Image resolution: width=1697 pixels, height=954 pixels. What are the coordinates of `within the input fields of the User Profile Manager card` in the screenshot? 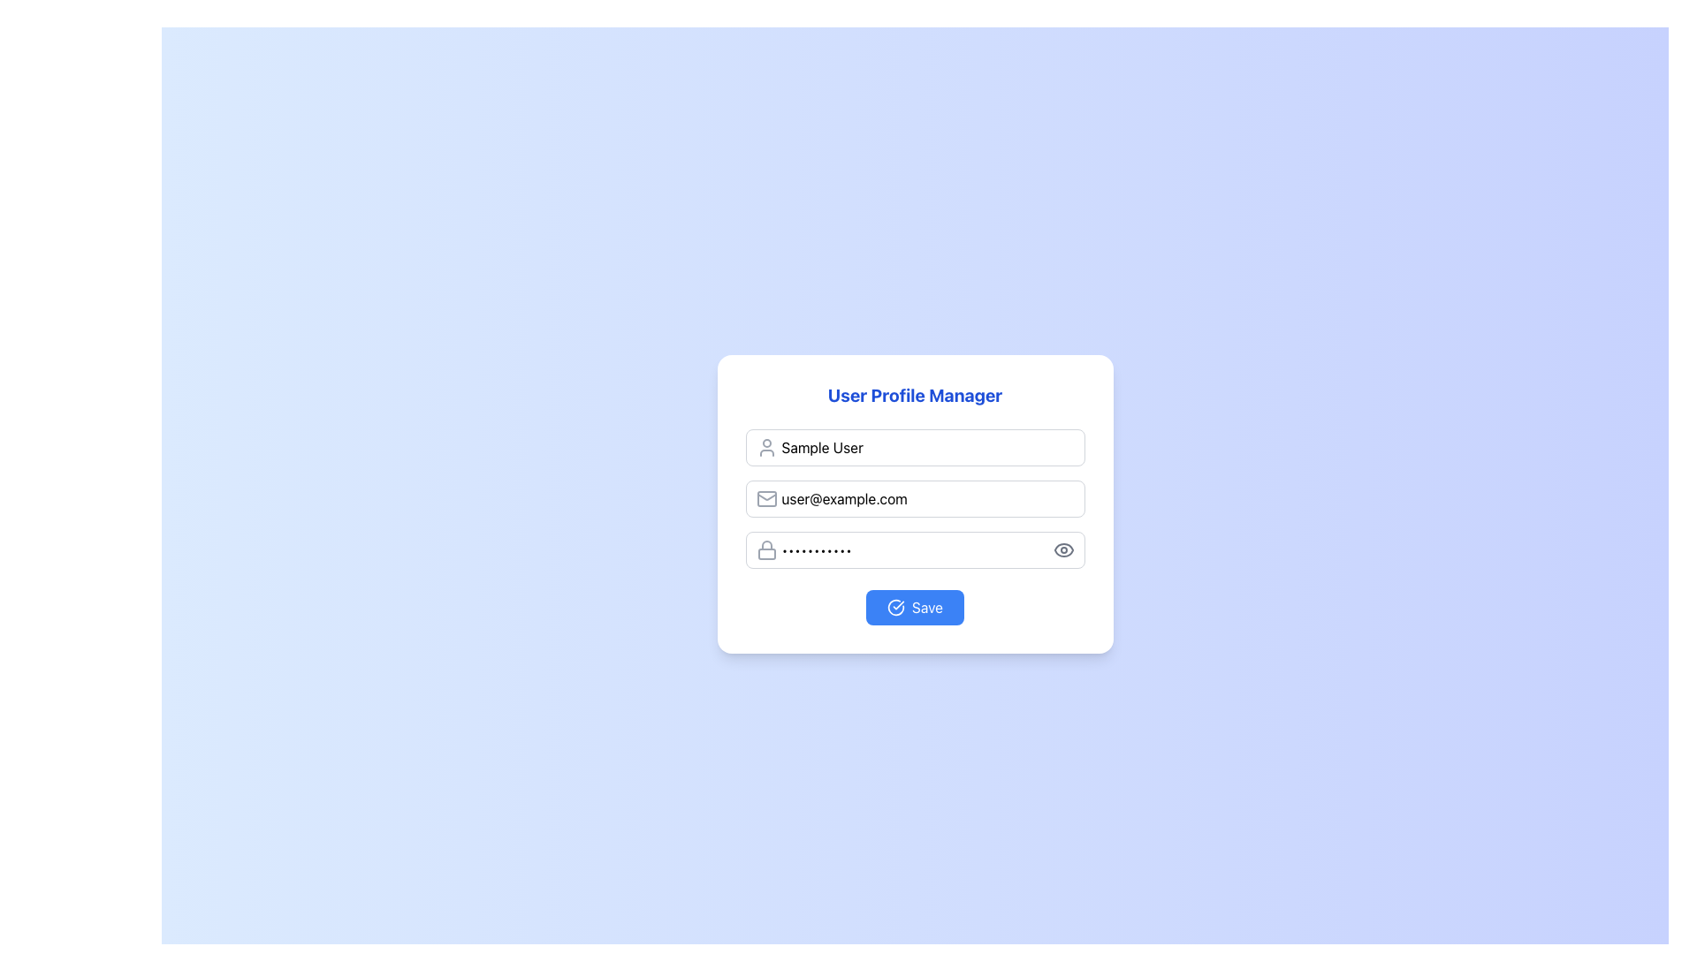 It's located at (915, 503).